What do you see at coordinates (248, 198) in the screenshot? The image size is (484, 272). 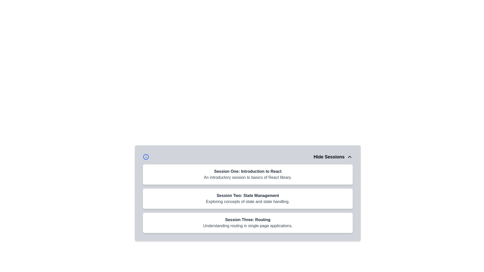 I see `information provided in the informative text block about 'Session Two', which is the second block in a vertical list of session descriptions` at bounding box center [248, 198].